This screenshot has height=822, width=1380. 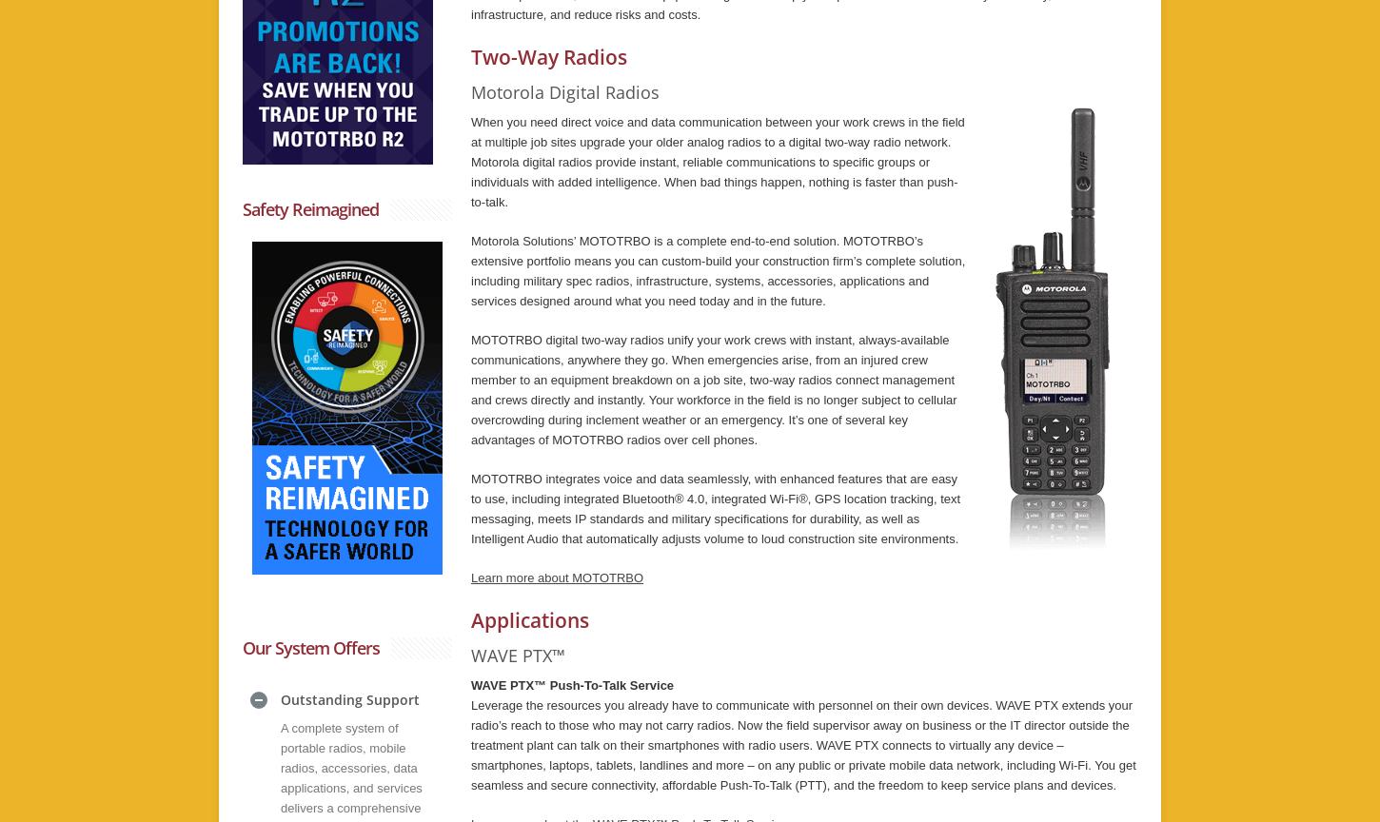 I want to click on 'Applications', so click(x=529, y=619).